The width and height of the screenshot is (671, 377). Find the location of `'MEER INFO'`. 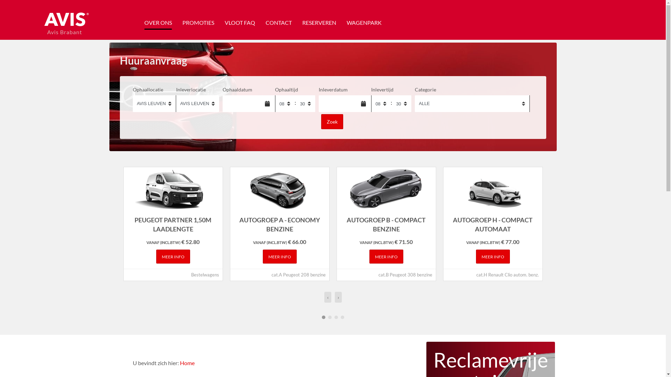

'MEER INFO' is located at coordinates (385, 257).